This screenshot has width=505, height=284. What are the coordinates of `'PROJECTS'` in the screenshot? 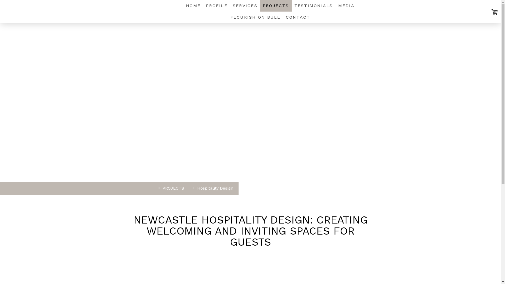 It's located at (172, 188).